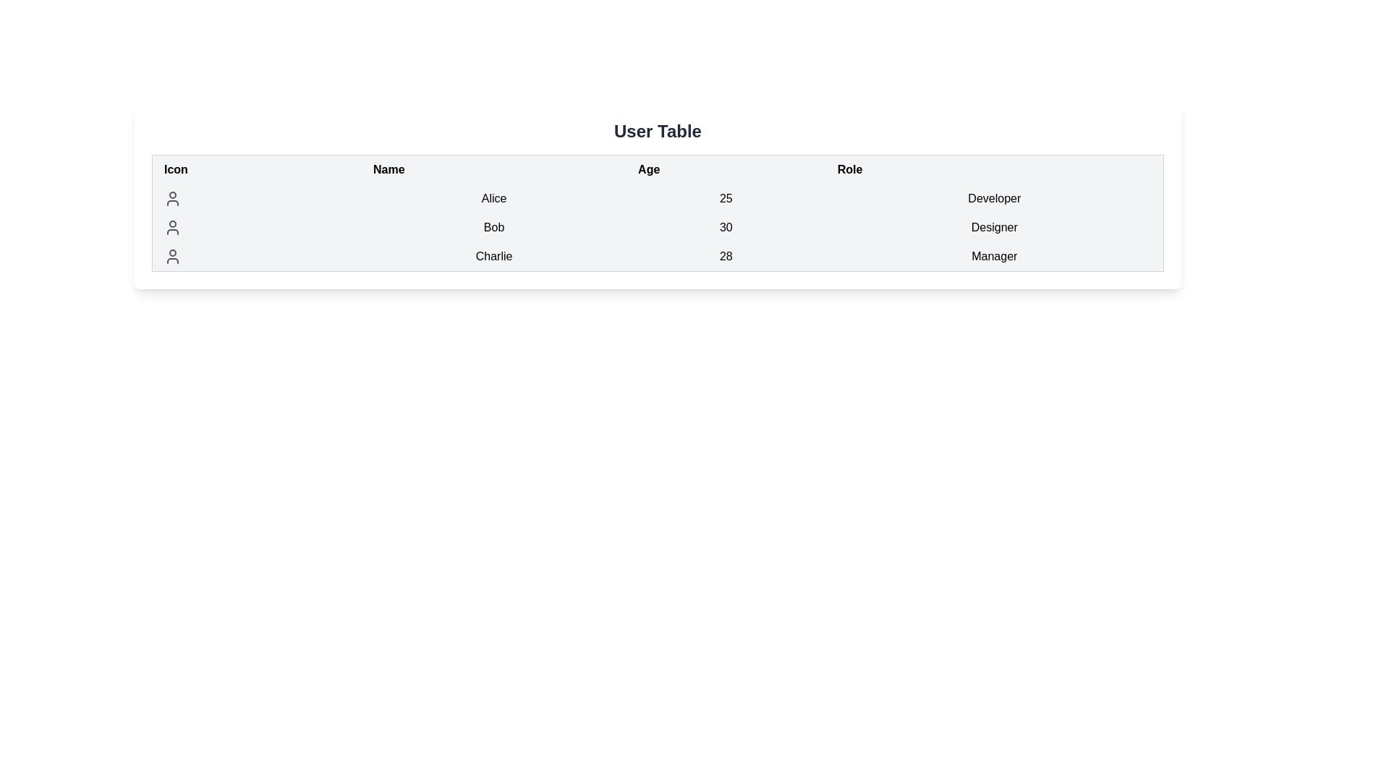 The width and height of the screenshot is (1389, 781). Describe the element at coordinates (726, 256) in the screenshot. I see `the static text element displaying the number '28' in the third column of the third row, corresponding to the 'Age' field for 'Charlie'` at that location.